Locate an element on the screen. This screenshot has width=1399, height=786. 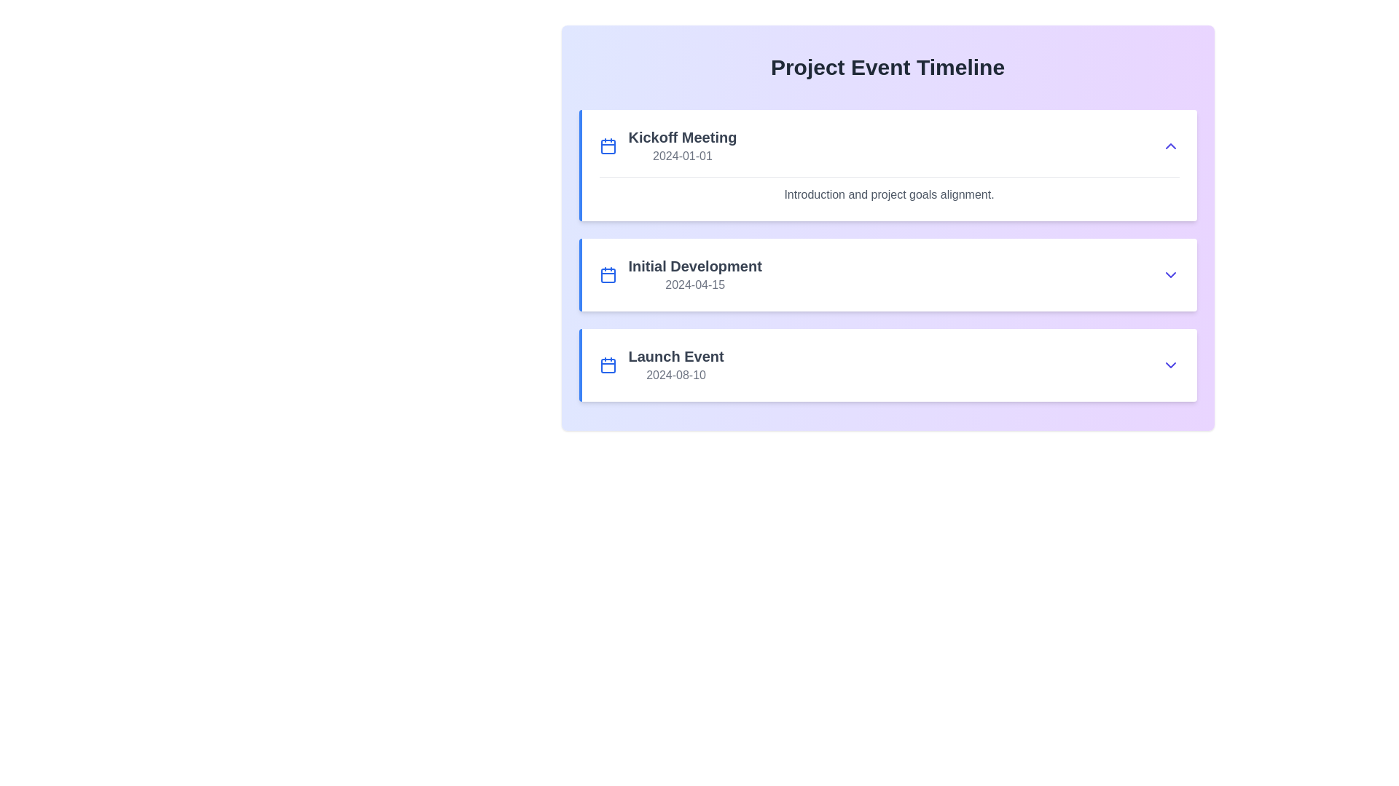
the 'Initial Development' text block is located at coordinates (694, 275).